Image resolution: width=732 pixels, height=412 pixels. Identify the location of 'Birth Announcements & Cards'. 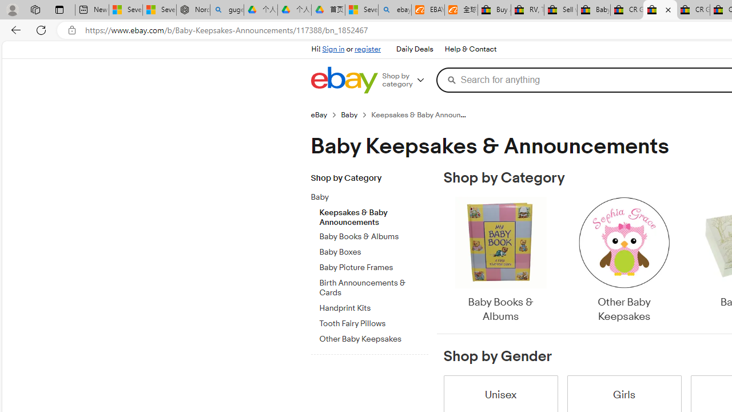
(373, 287).